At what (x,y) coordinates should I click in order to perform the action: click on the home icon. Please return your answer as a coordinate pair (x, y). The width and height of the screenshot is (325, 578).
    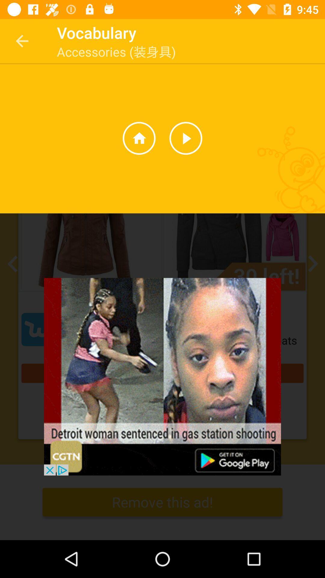
    Looking at the image, I should click on (139, 138).